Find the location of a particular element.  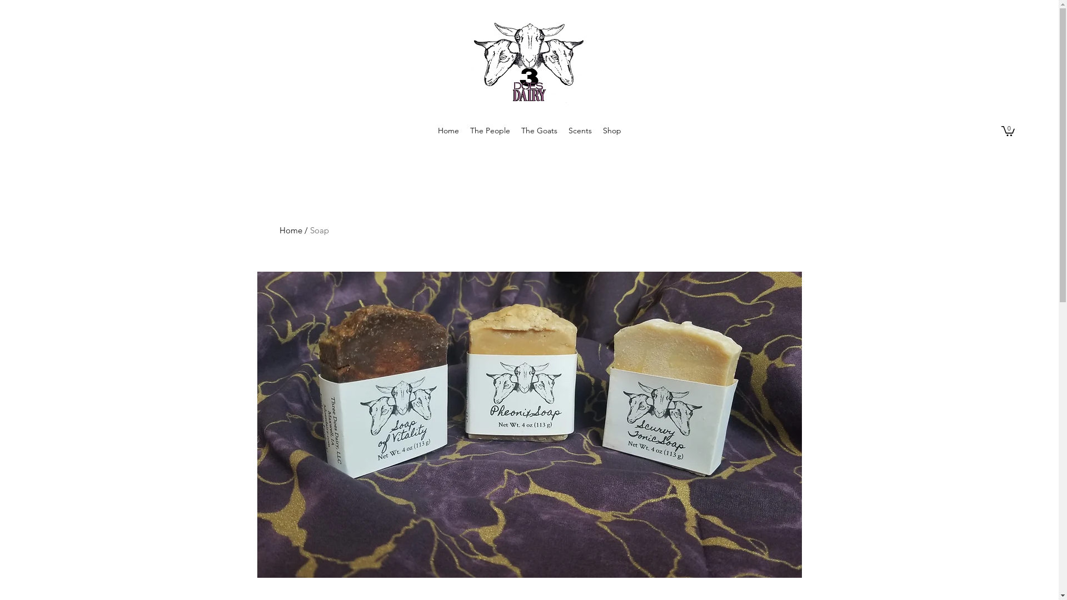

'The People' is located at coordinates (490, 130).